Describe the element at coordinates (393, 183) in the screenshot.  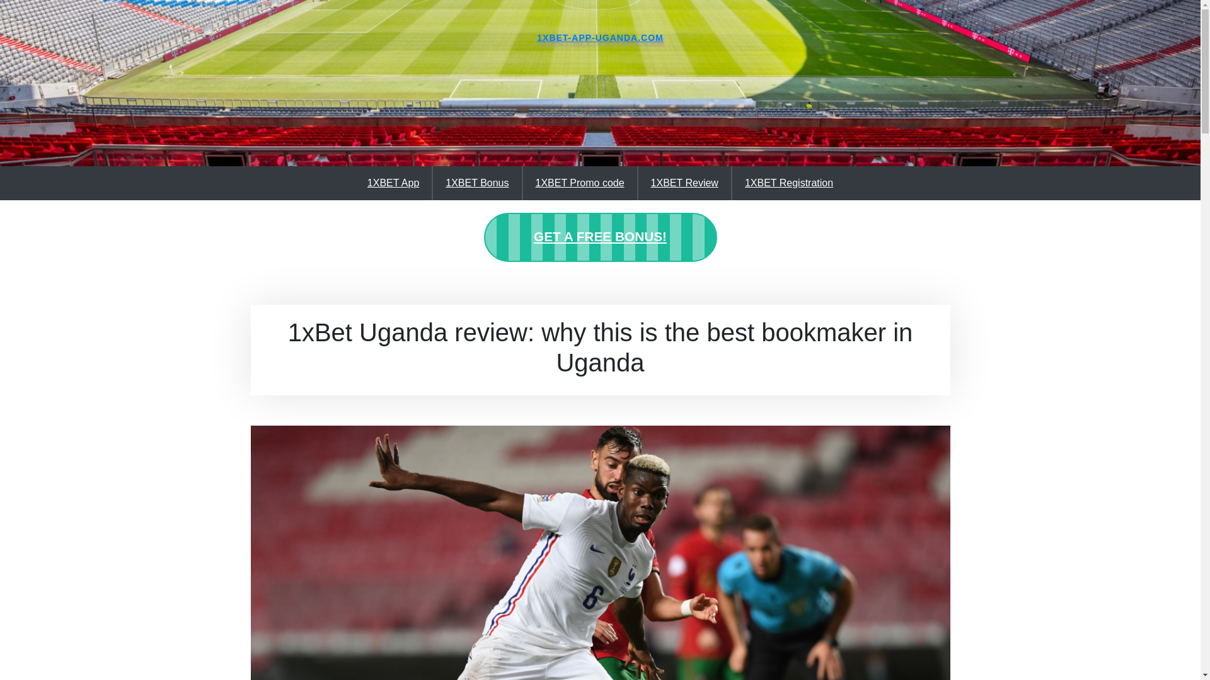
I see `'1XBET App'` at that location.